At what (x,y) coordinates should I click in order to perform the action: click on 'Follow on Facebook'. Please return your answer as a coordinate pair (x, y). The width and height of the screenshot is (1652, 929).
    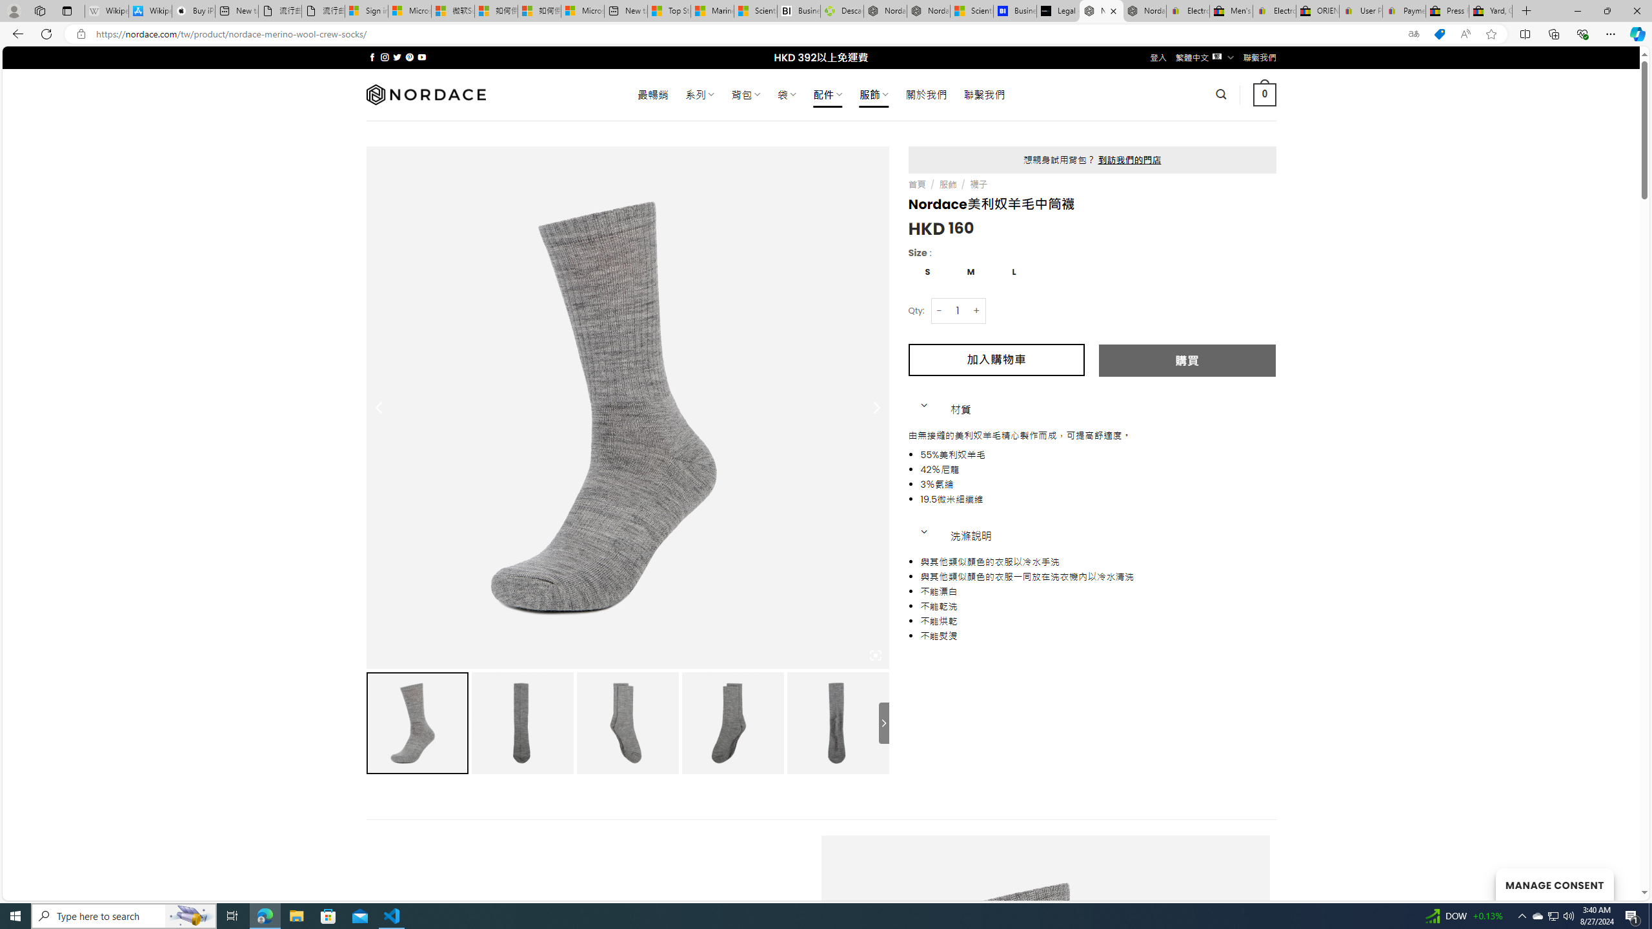
    Looking at the image, I should click on (372, 57).